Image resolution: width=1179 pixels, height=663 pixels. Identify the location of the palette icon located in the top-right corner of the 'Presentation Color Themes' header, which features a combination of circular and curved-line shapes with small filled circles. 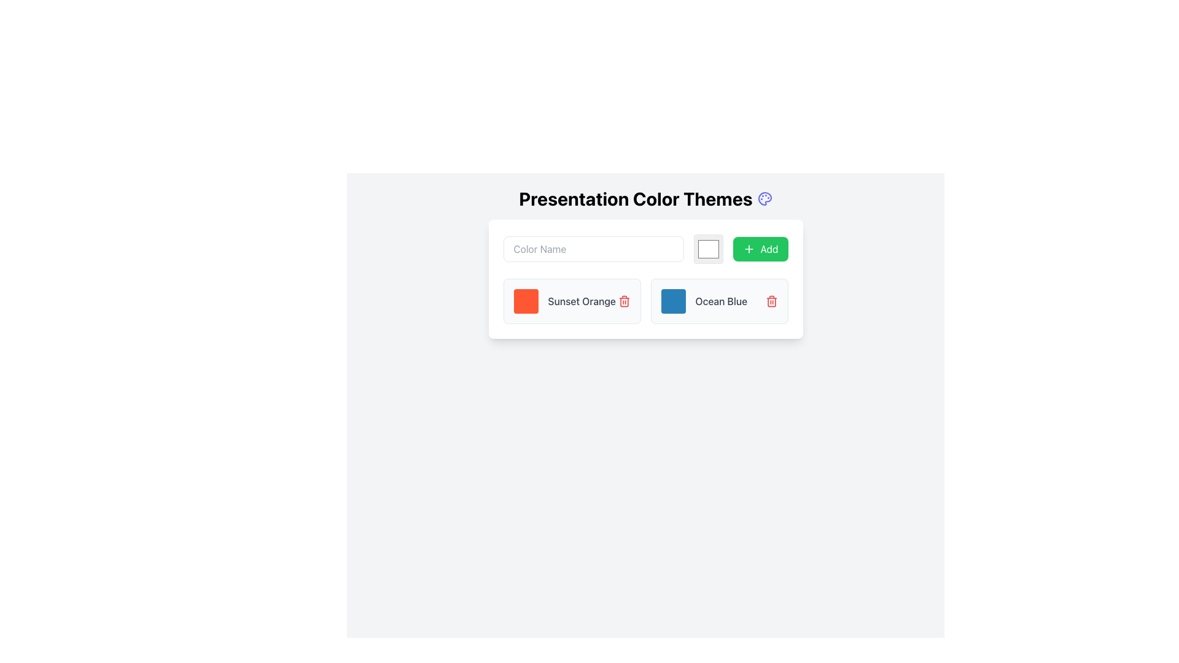
(764, 198).